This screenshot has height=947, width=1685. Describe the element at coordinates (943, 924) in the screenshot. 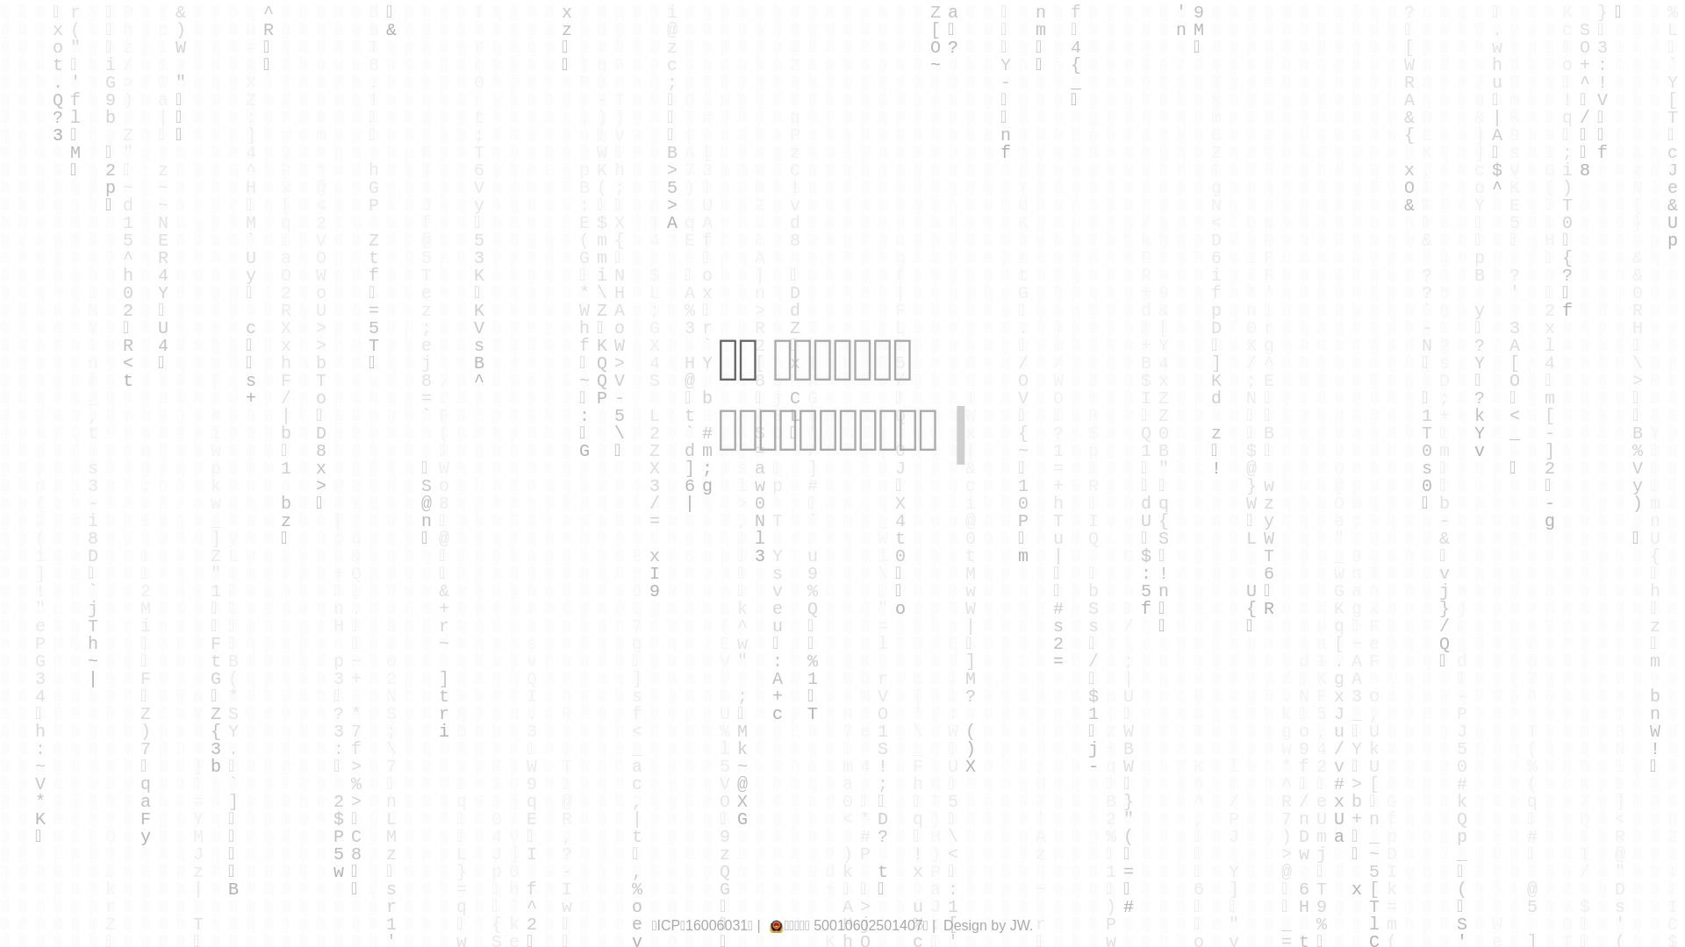

I see `'Design by JW.'` at that location.